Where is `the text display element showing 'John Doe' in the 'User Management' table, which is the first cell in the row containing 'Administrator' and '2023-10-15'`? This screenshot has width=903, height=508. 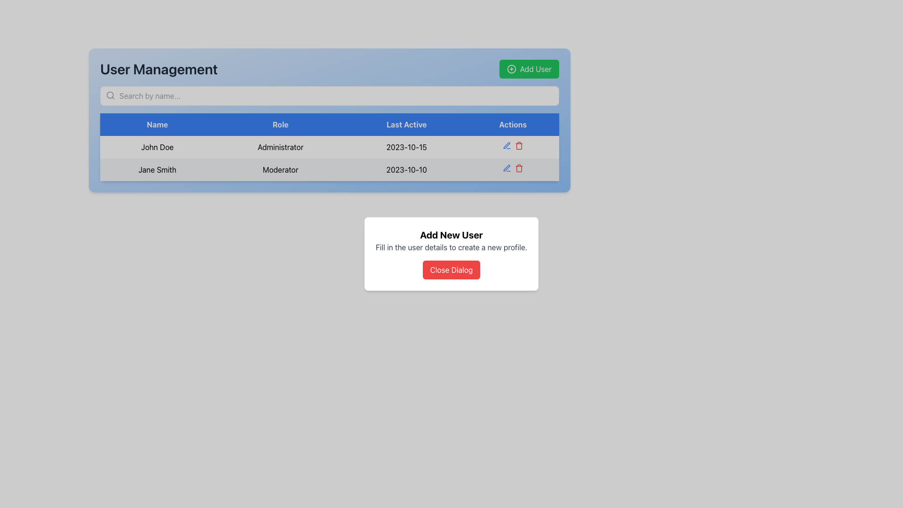 the text display element showing 'John Doe' in the 'User Management' table, which is the first cell in the row containing 'Administrator' and '2023-10-15' is located at coordinates (157, 147).